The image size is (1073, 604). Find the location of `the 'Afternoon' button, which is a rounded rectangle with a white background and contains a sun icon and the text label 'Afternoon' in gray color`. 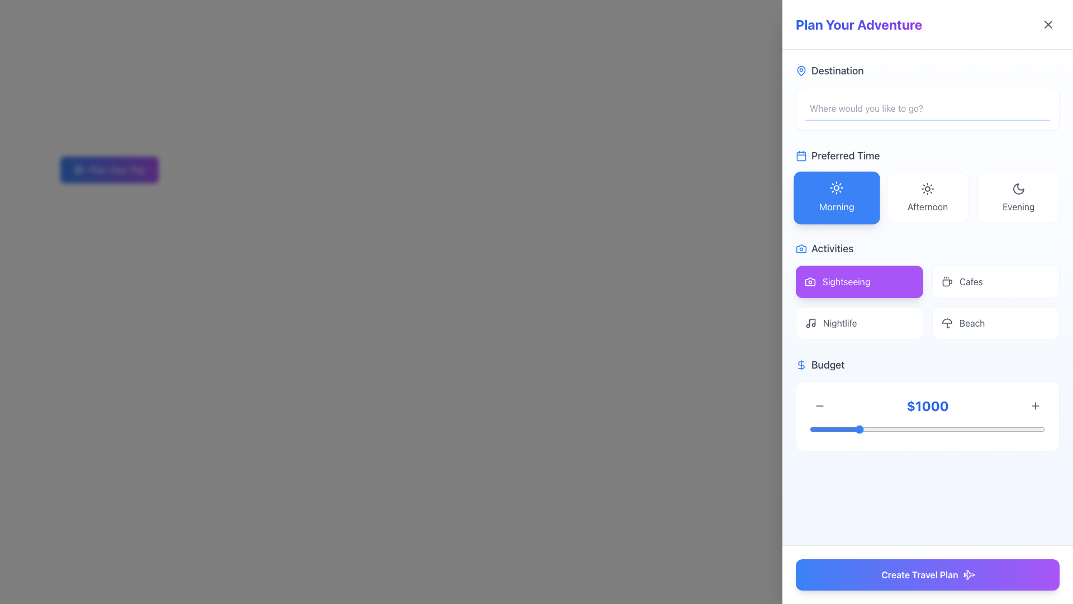

the 'Afternoon' button, which is a rounded rectangle with a white background and contains a sun icon and the text label 'Afternoon' in gray color is located at coordinates (928, 197).